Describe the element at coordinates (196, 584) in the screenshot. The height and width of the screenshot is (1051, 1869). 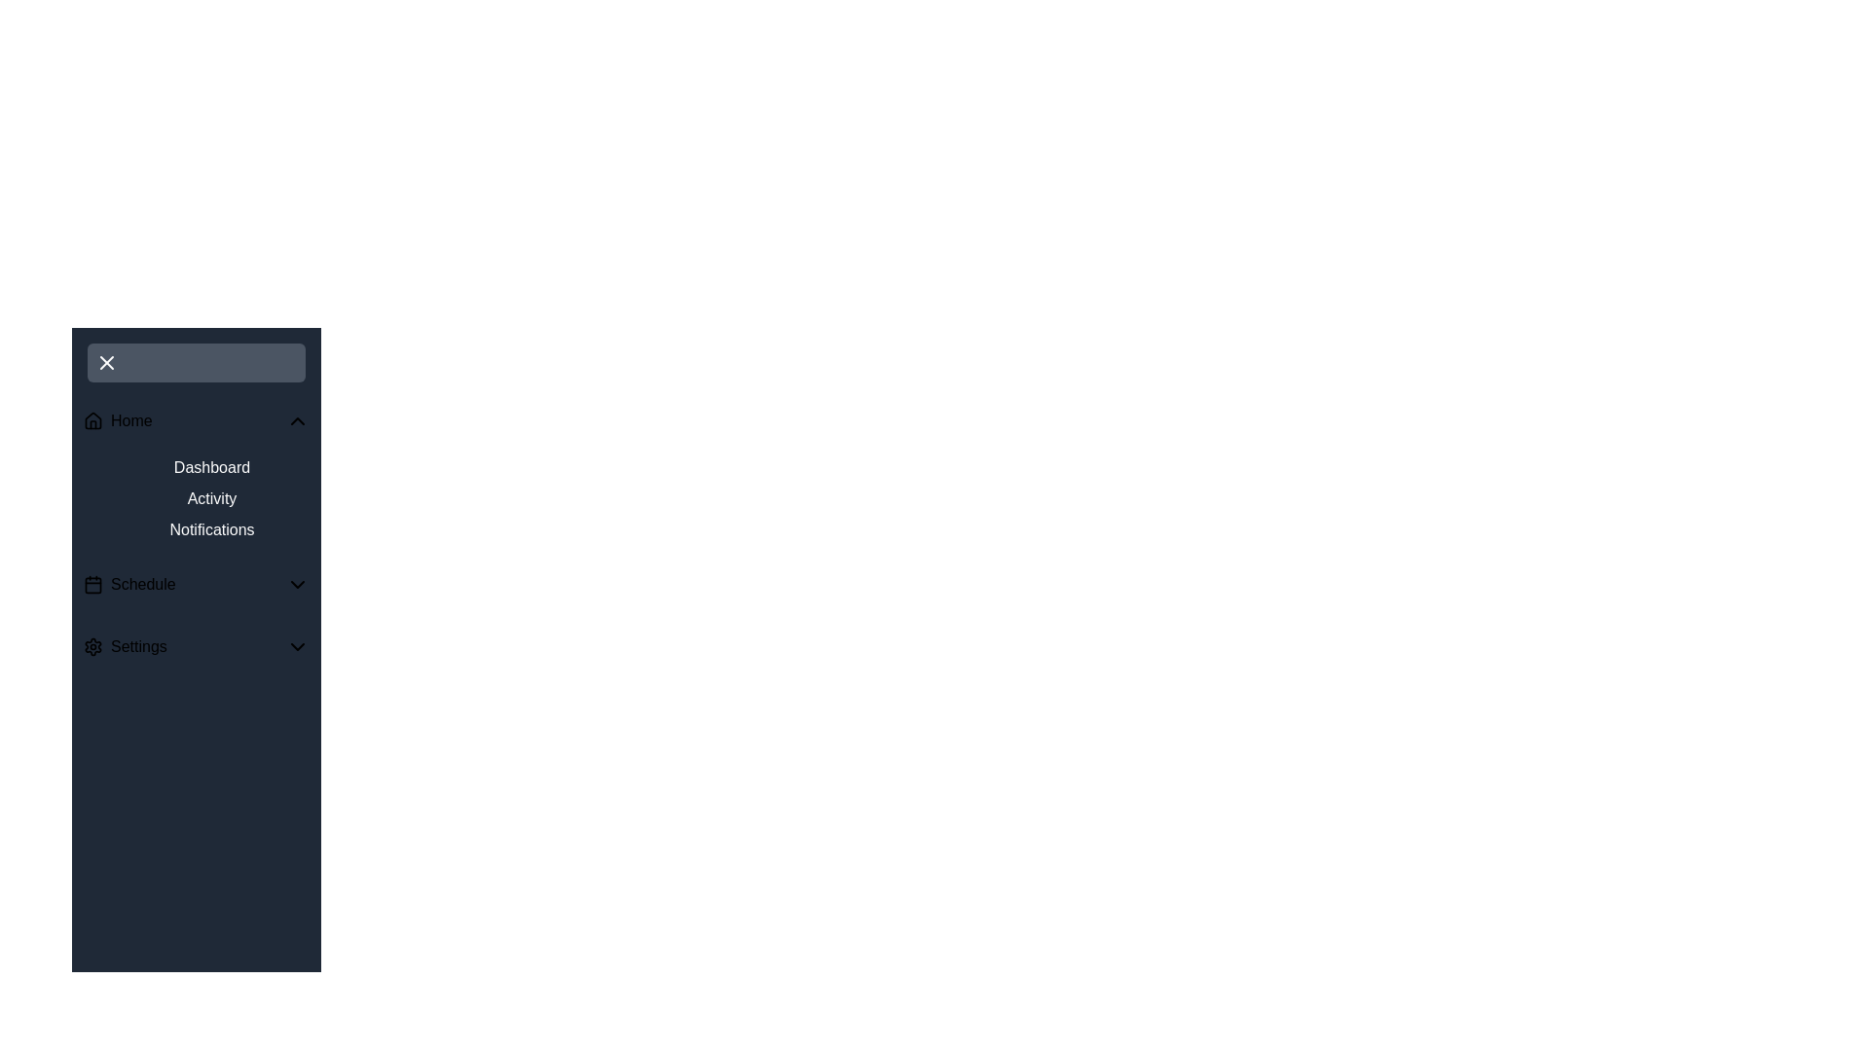
I see `the 'Schedule' menu item, which is the second item in the vertical navigation menu` at that location.